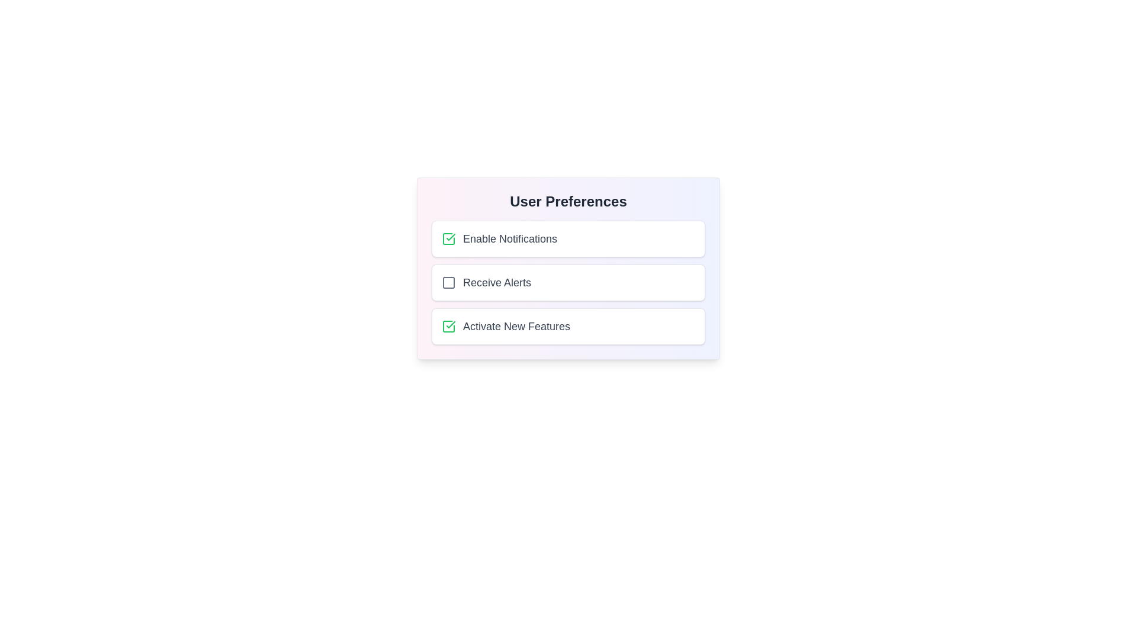 This screenshot has width=1137, height=639. What do you see at coordinates (568, 326) in the screenshot?
I see `the third option in the 'User Preferences' section which is a checkbox indicating the activation of new features` at bounding box center [568, 326].